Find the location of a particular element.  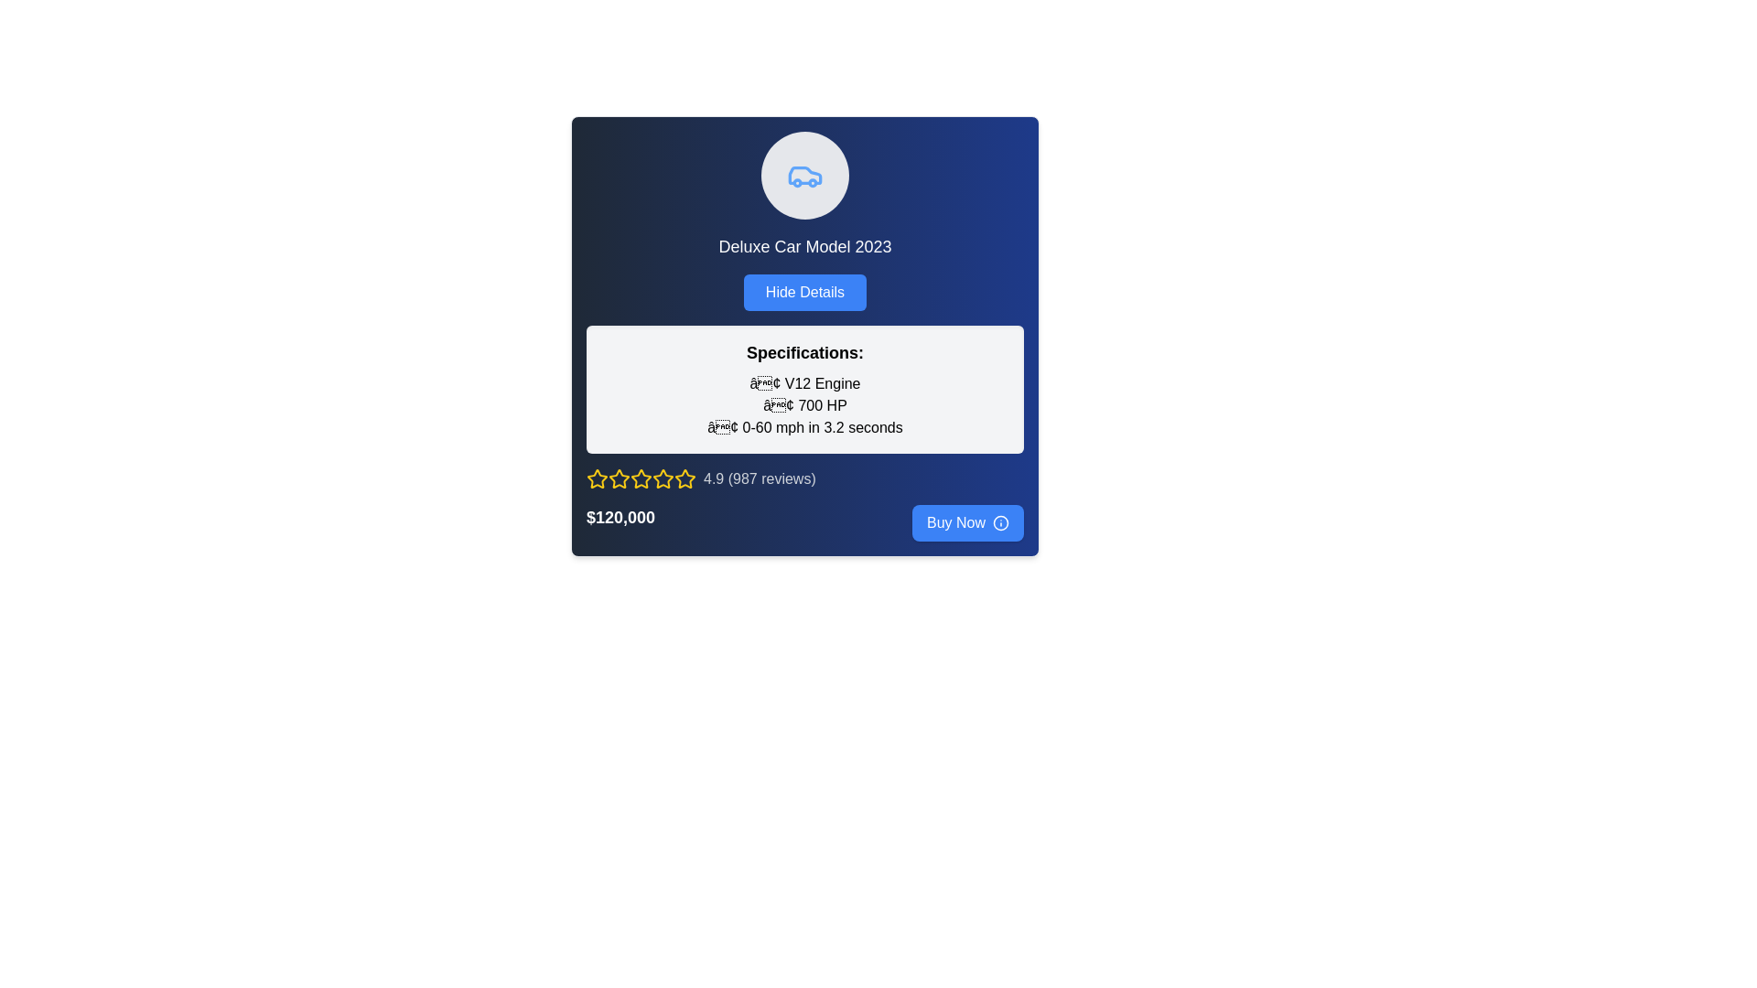

the sixth star icon in the rating system is located at coordinates (662, 478).